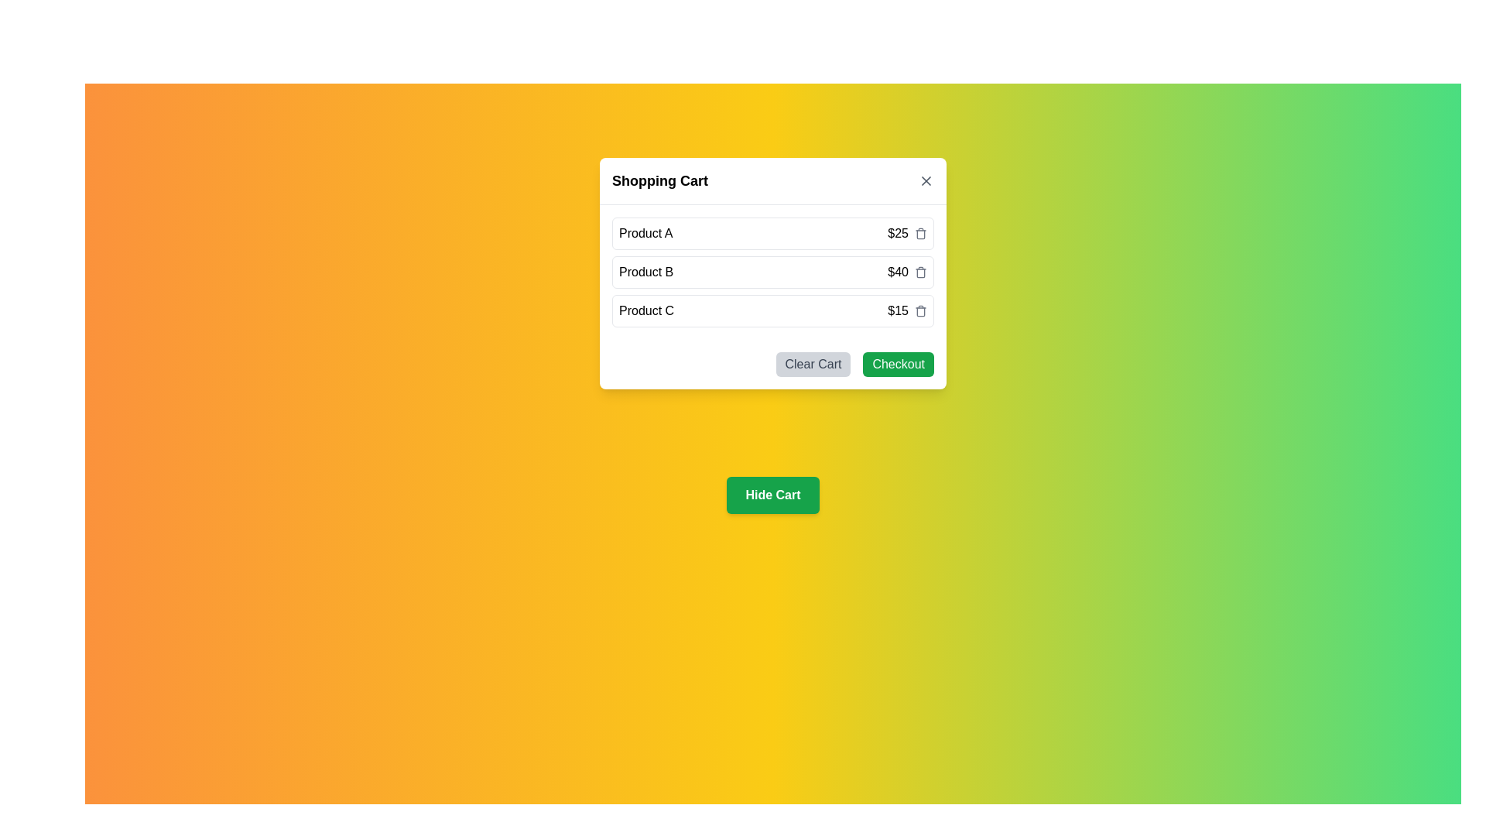  I want to click on the text label displaying '$15', which is positioned to the right of 'Product C' and aligns horizontally with it, so click(907, 310).